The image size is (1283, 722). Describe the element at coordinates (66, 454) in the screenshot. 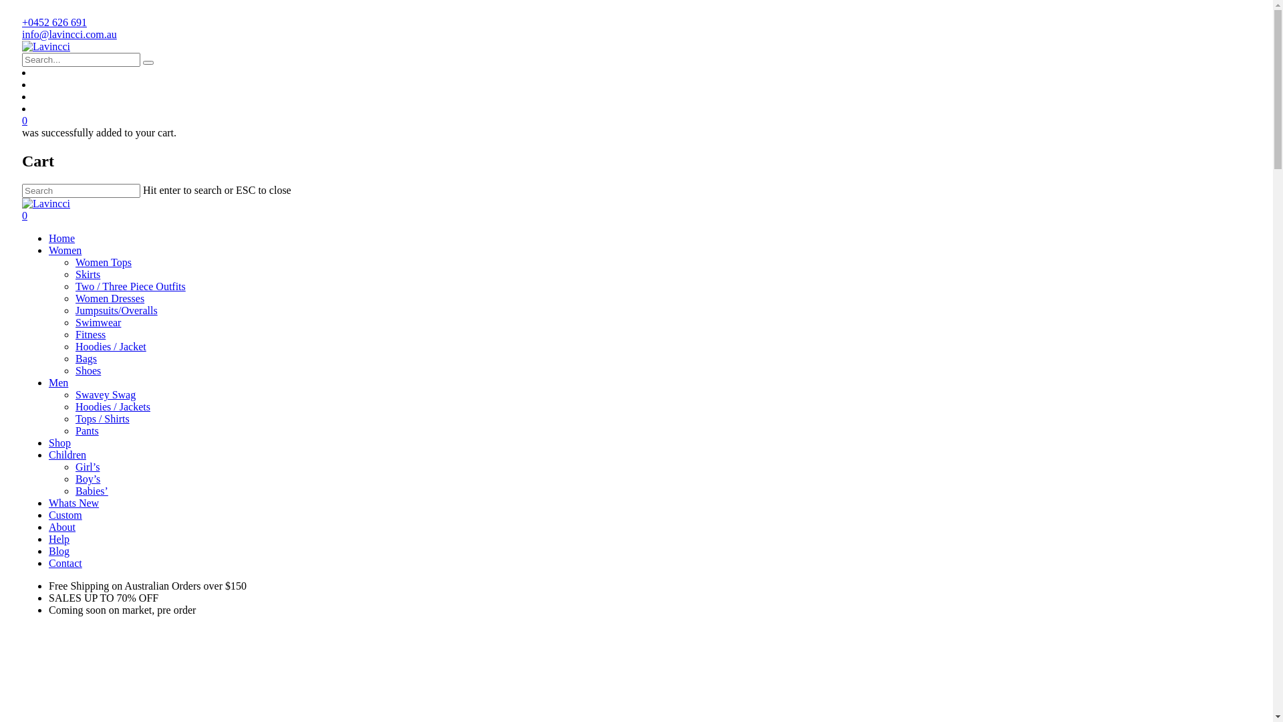

I see `'Children'` at that location.